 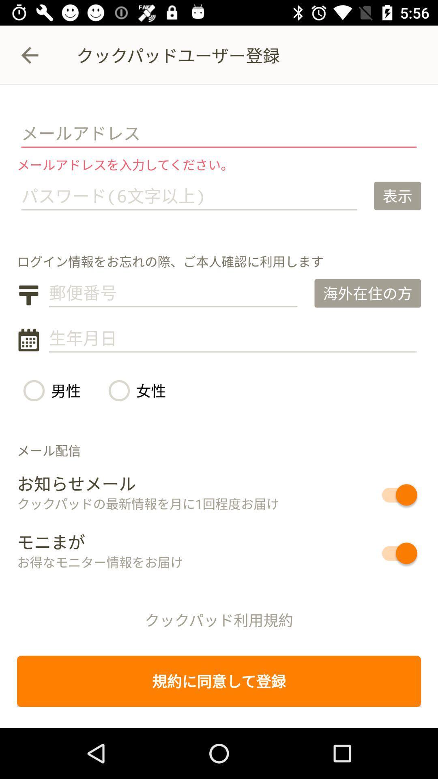 What do you see at coordinates (370, 553) in the screenshot?
I see `the item at the bottom right corner` at bounding box center [370, 553].